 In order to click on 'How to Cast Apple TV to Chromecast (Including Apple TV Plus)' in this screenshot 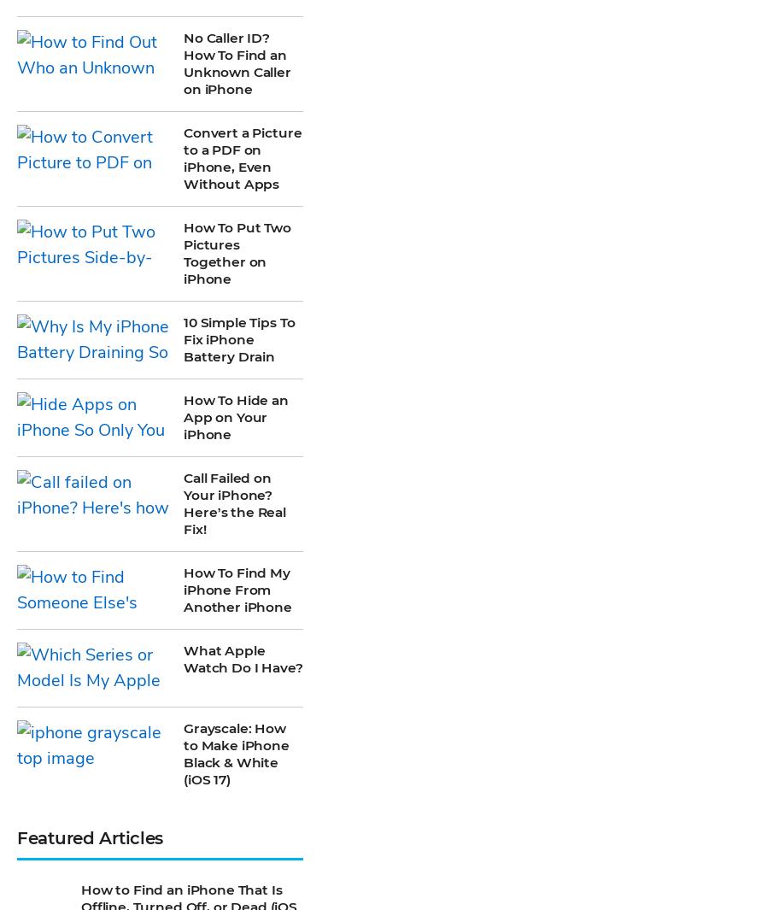, I will do `click(81, 637)`.